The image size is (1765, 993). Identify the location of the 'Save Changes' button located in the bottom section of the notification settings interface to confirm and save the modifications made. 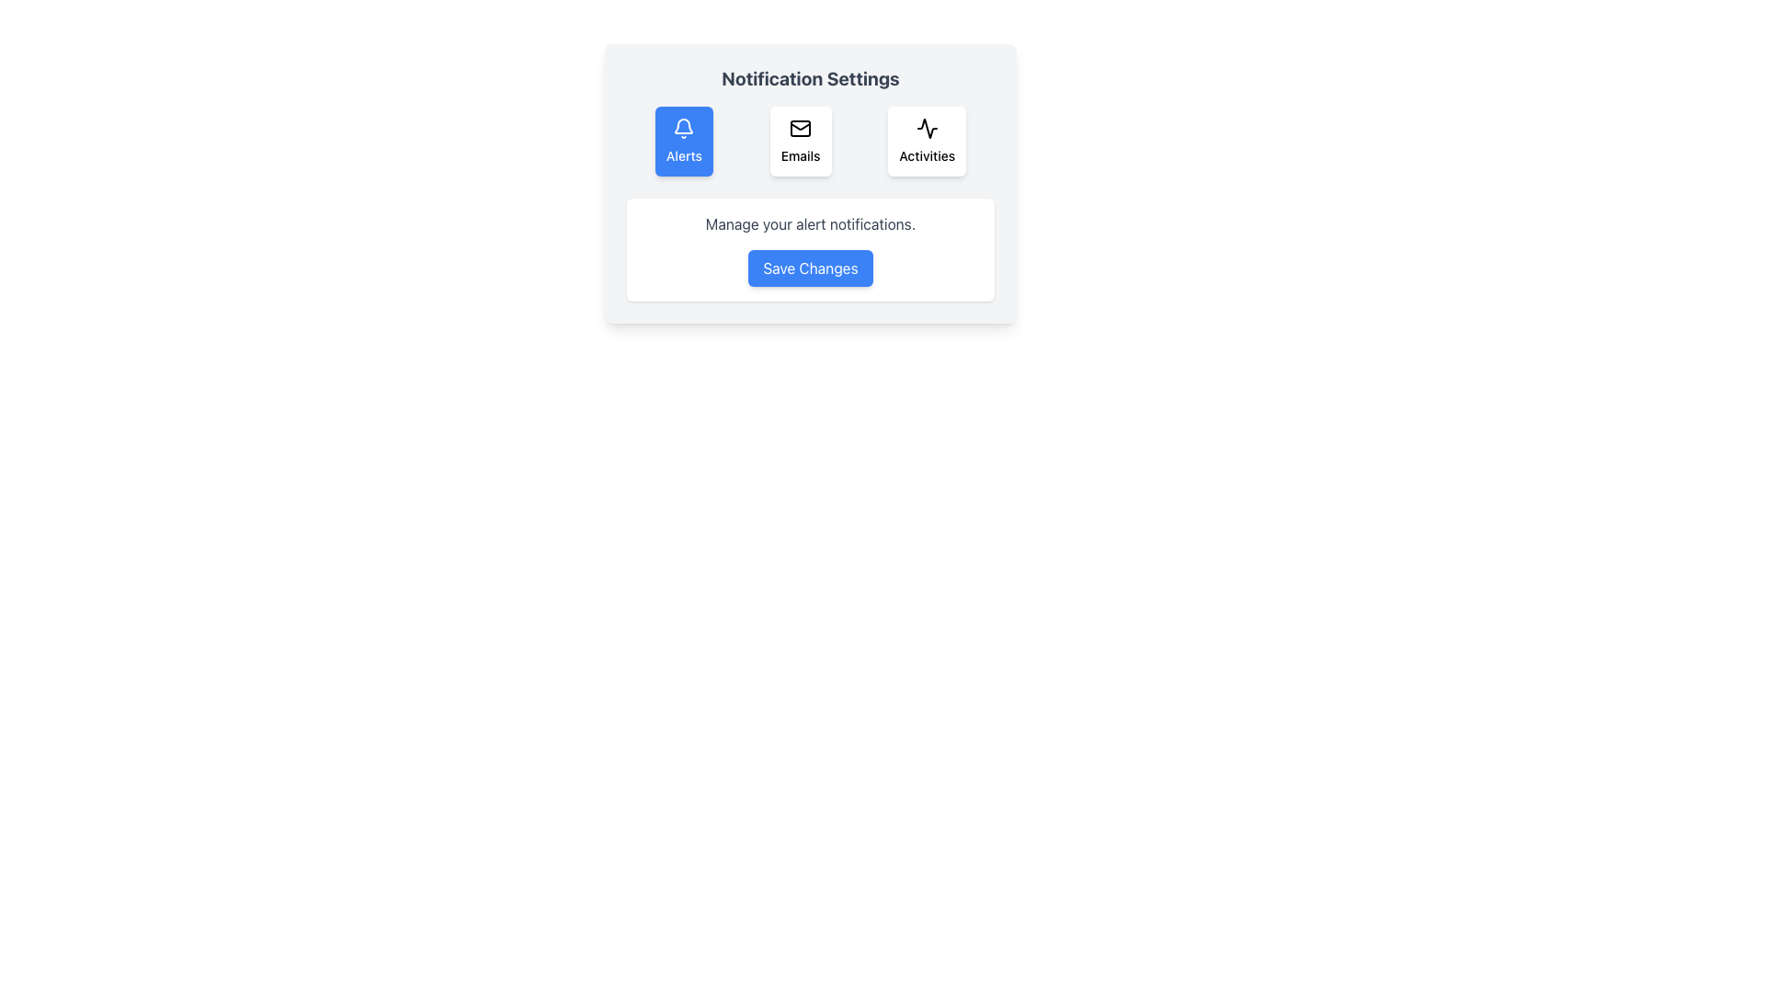
(810, 268).